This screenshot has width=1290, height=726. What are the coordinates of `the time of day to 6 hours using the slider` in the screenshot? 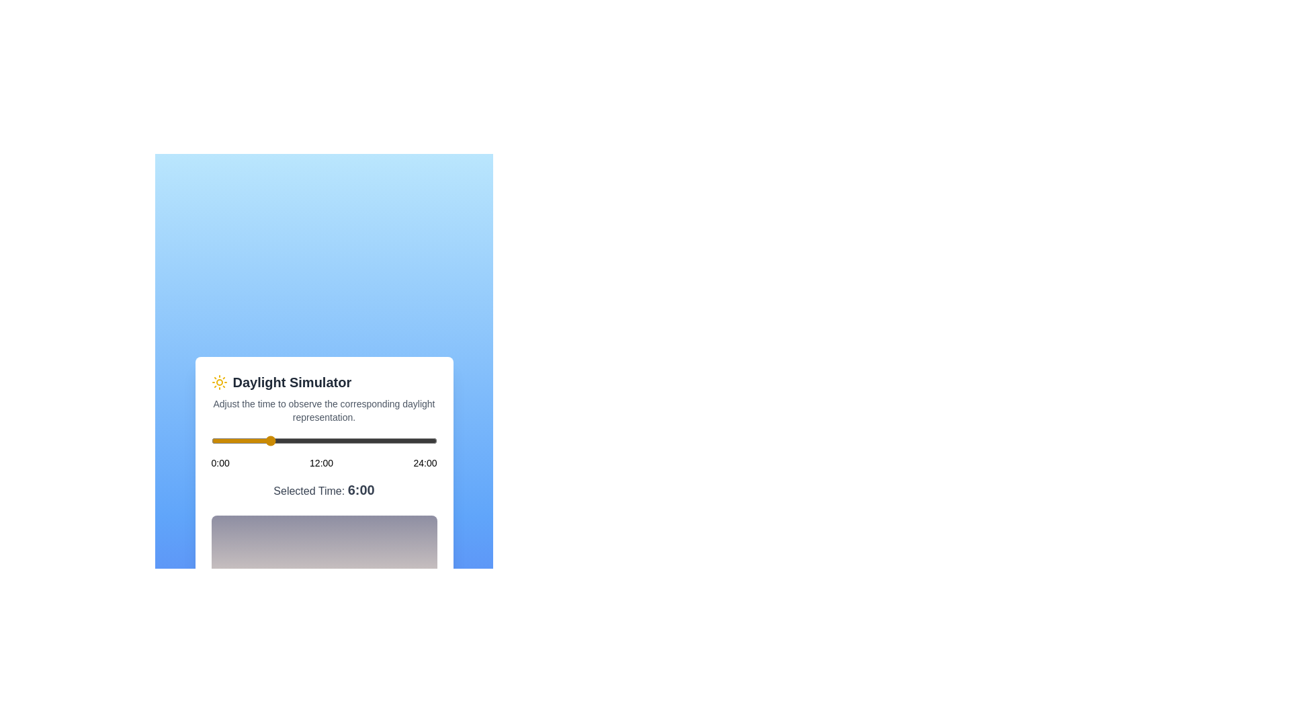 It's located at (267, 440).